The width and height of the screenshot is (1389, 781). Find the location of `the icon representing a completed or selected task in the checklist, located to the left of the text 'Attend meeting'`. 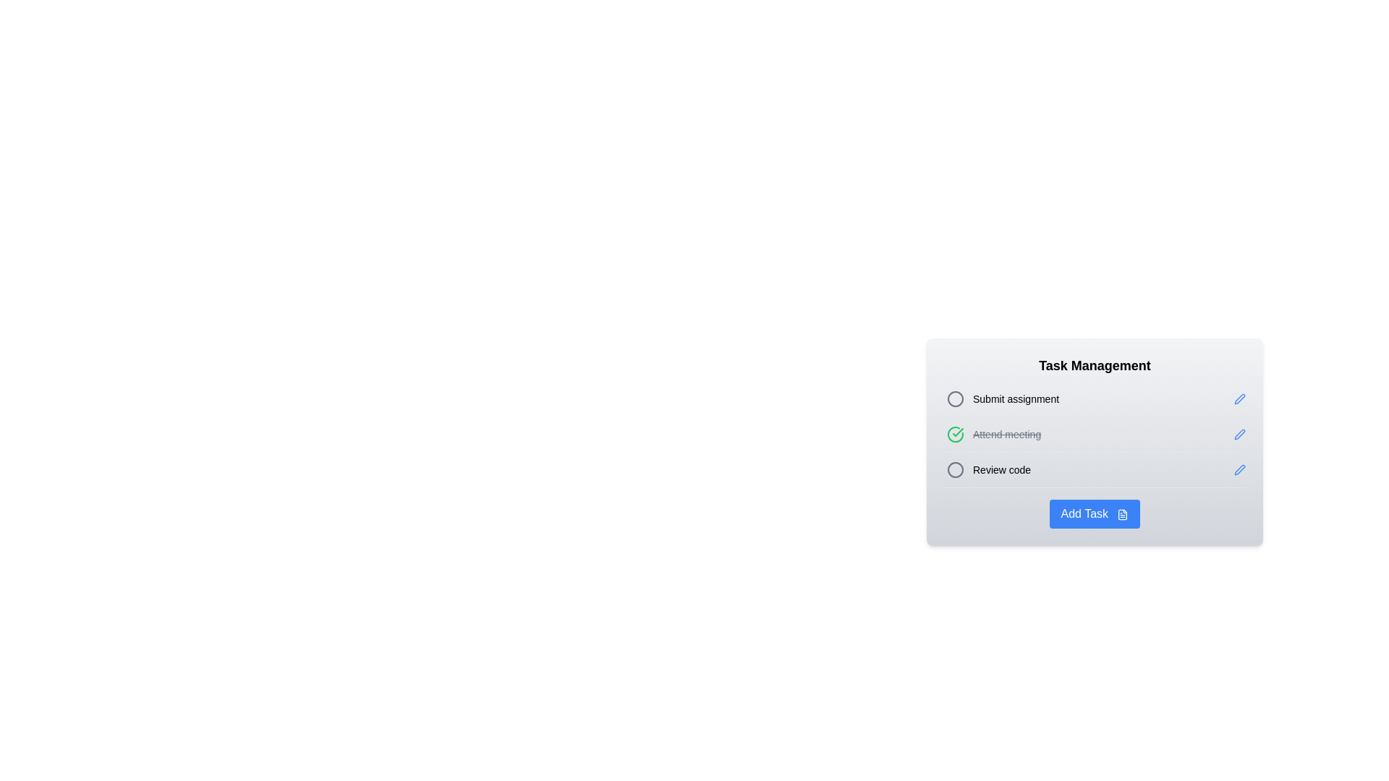

the icon representing a completed or selected task in the checklist, located to the left of the text 'Attend meeting' is located at coordinates (955, 434).